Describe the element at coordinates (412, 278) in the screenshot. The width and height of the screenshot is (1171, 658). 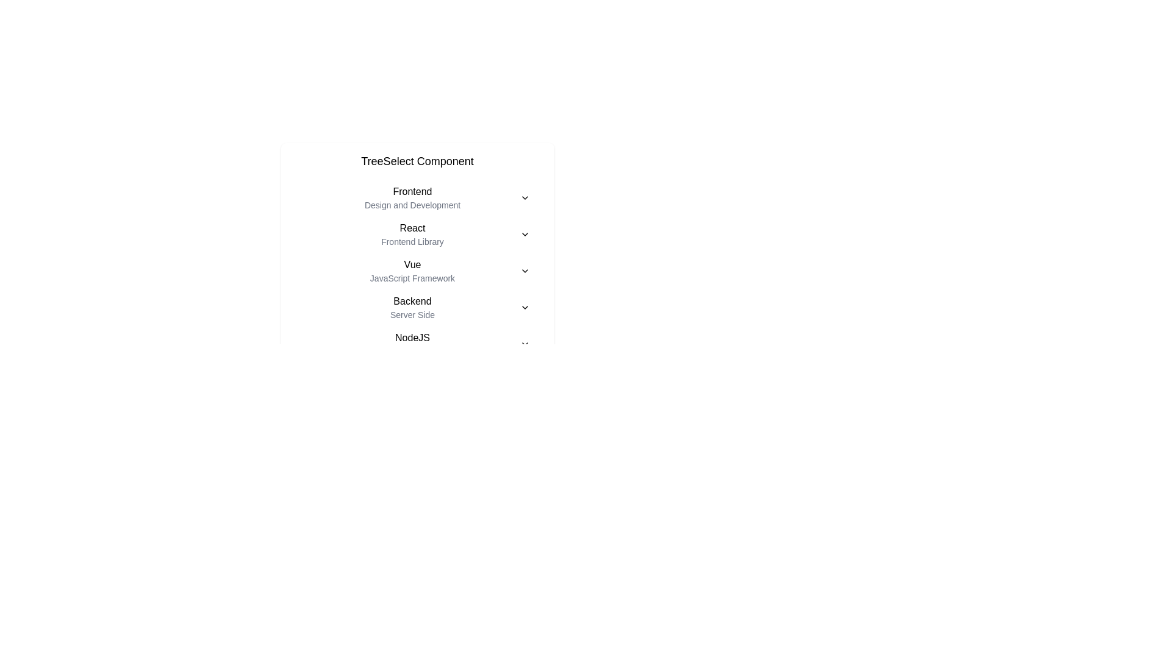
I see `the Text label that describes the 'Vue' section, which categorizes it as a JavaScript framework, located beneath the category title in the expandable 'Vue' category of a hierarchical tree-like component` at that location.